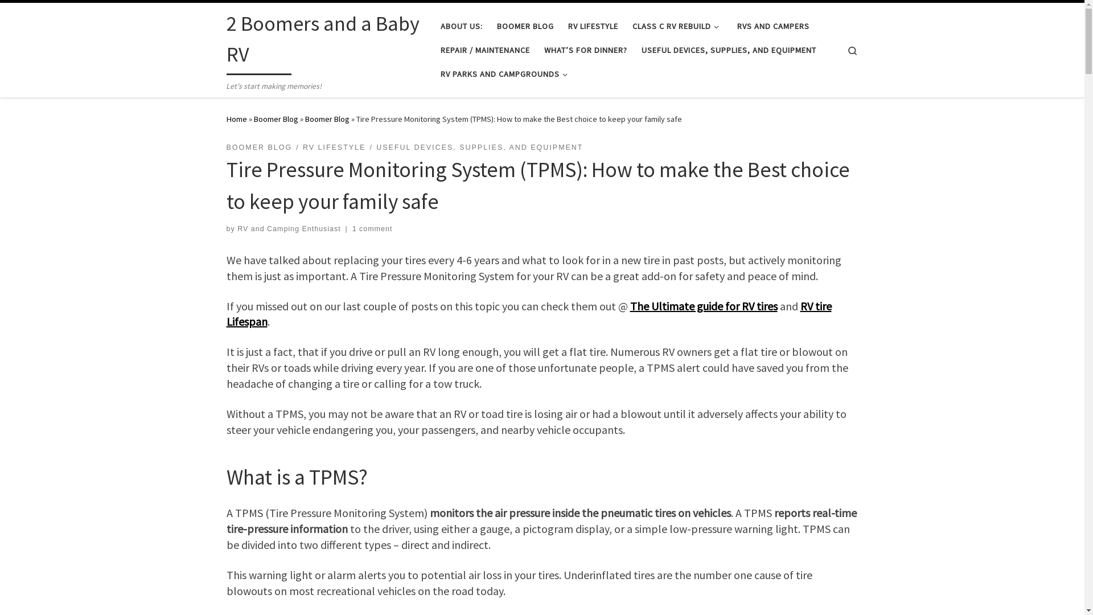 The image size is (1093, 615). I want to click on 'RV LIFESTYLE', so click(334, 147).